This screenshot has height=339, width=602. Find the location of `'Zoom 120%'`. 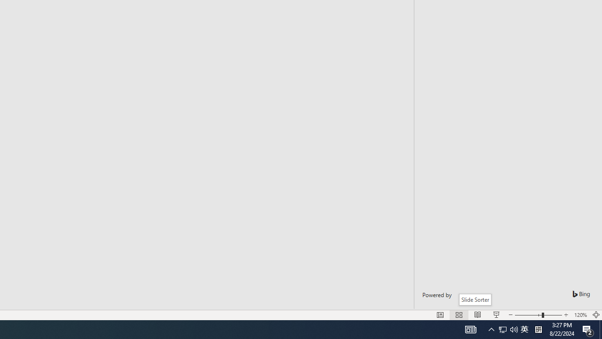

'Zoom 120%' is located at coordinates (580, 315).